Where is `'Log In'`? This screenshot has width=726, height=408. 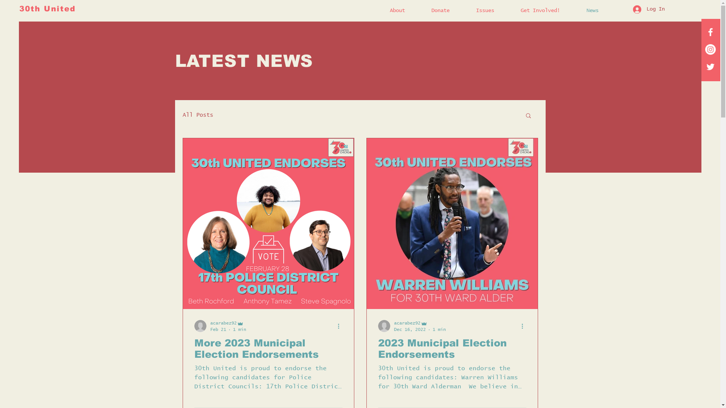 'Log In' is located at coordinates (648, 9).